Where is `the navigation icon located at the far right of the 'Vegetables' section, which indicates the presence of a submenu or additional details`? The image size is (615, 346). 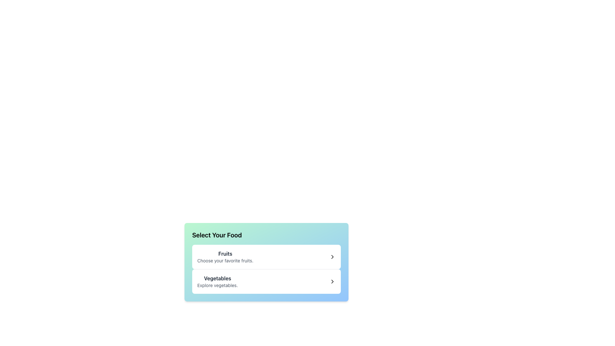 the navigation icon located at the far right of the 'Vegetables' section, which indicates the presence of a submenu or additional details is located at coordinates (332, 281).